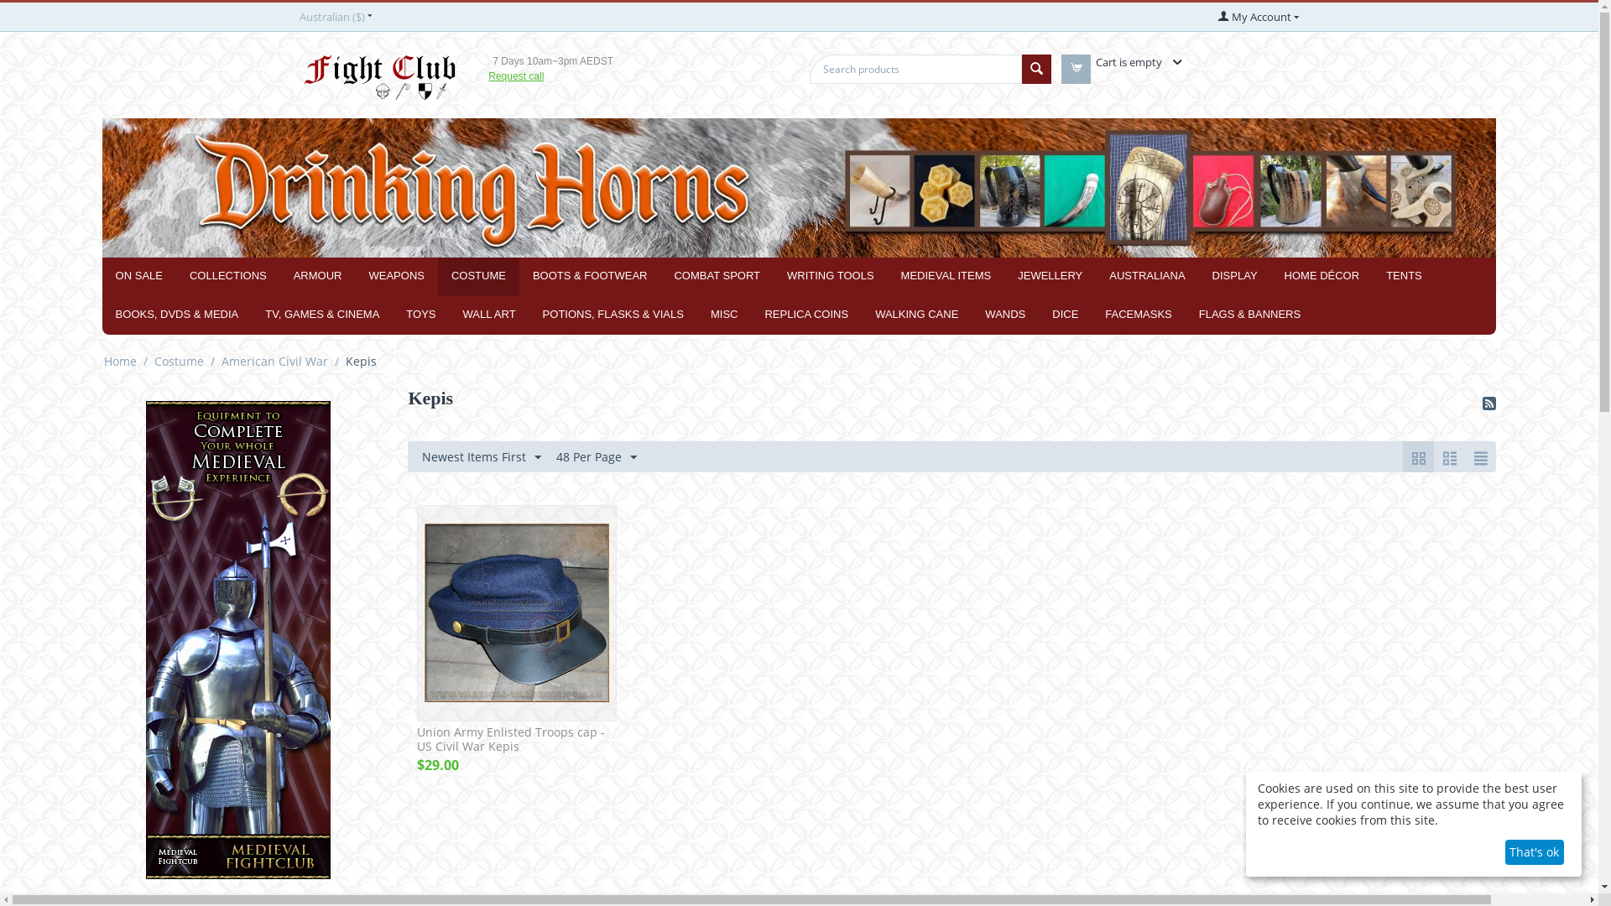 This screenshot has height=906, width=1611. Describe the element at coordinates (971, 315) in the screenshot. I see `'WANDS'` at that location.